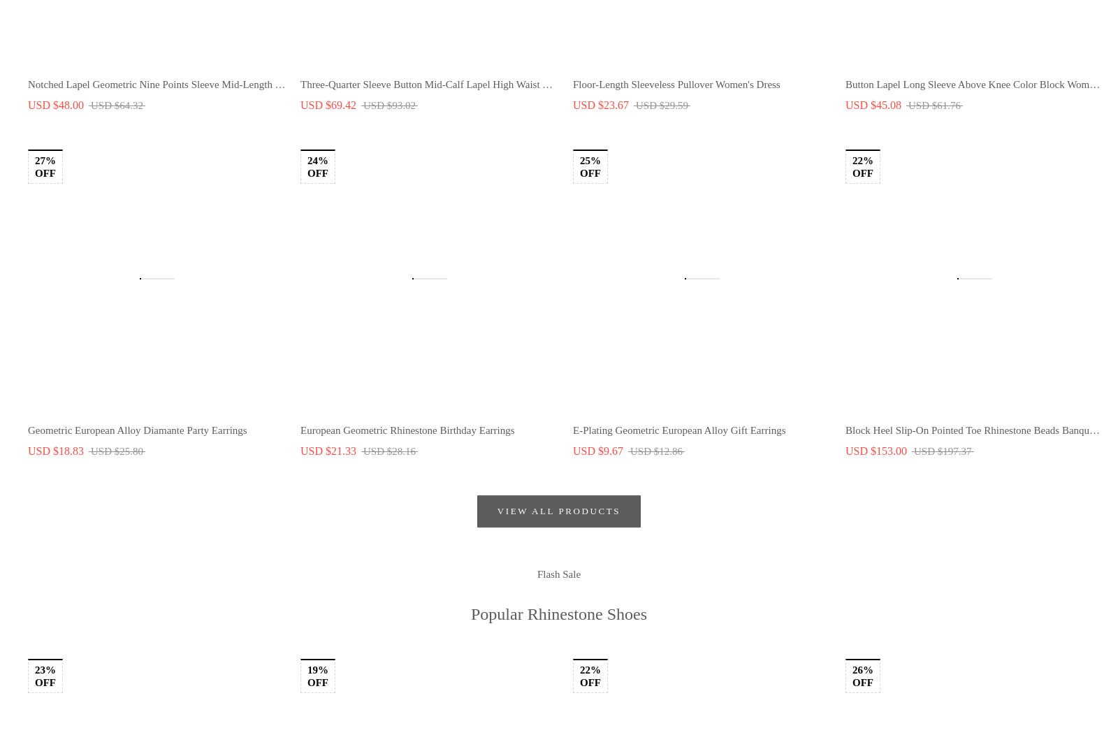 This screenshot has height=742, width=1118. Describe the element at coordinates (908, 152) in the screenshot. I see `'USD $68.82'` at that location.